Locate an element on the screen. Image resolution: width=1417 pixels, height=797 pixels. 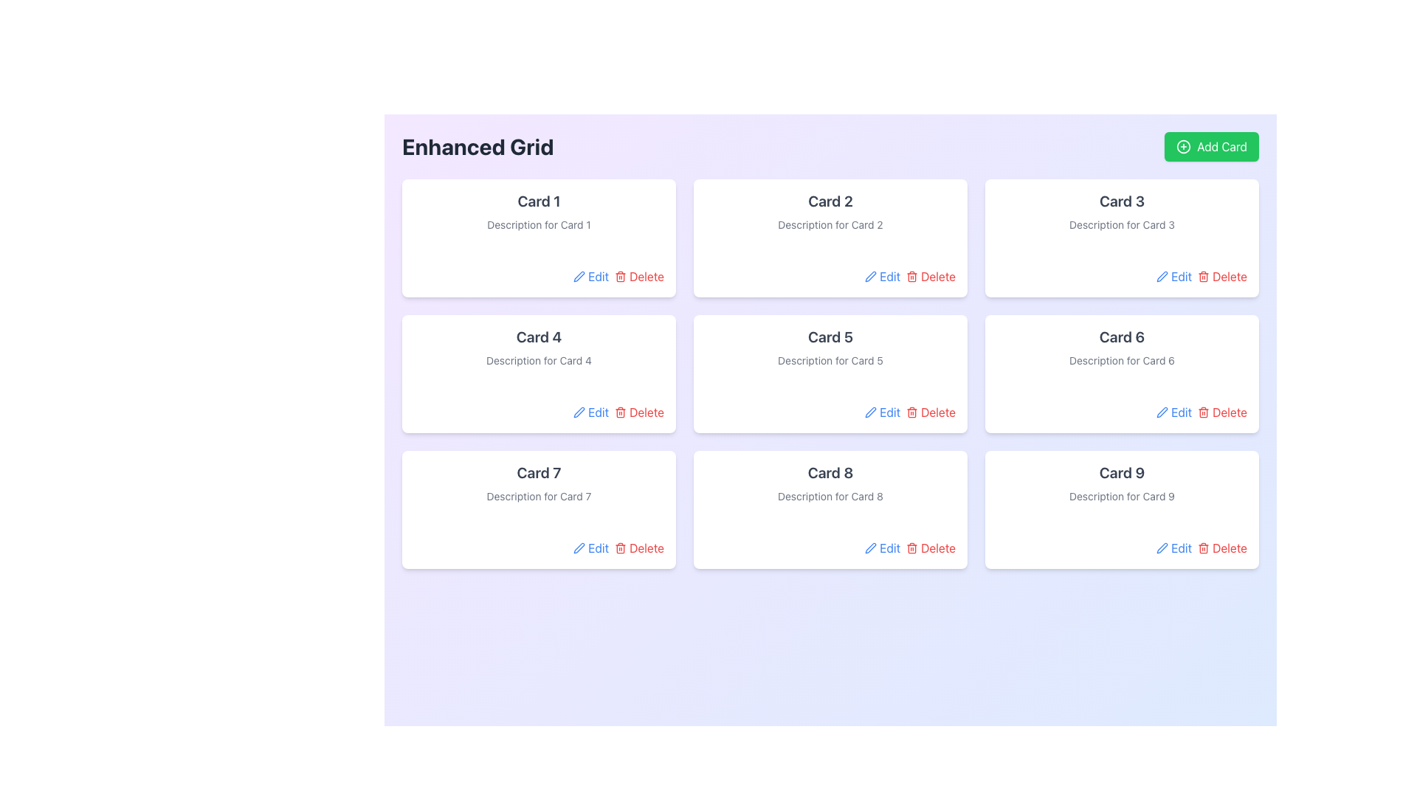
the pen icon located in the 'Card 5' section adjacent to the 'Edit' text link, which signifies editing functionality is located at coordinates (871, 413).